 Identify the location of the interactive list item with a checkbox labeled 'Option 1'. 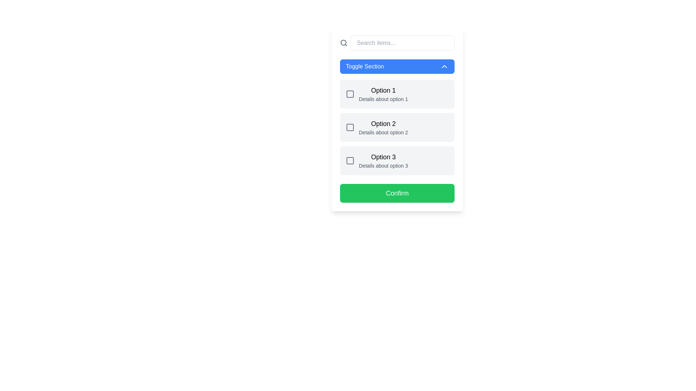
(397, 93).